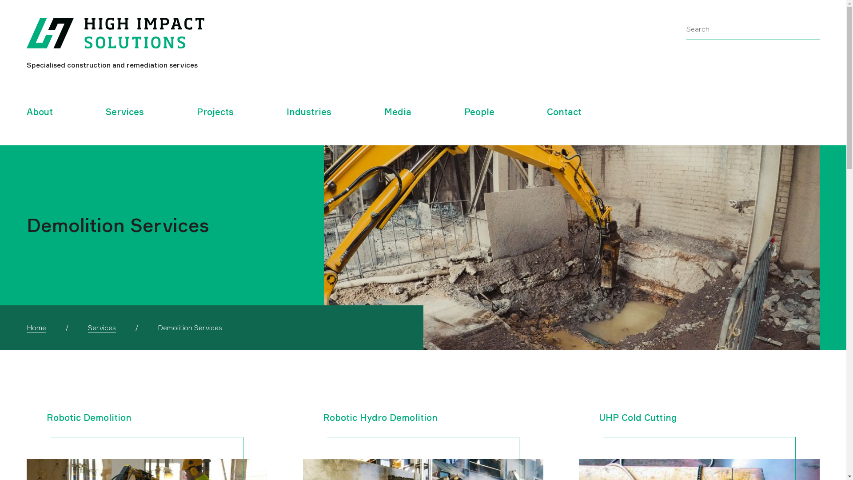  Describe the element at coordinates (397, 111) in the screenshot. I see `'Media'` at that location.